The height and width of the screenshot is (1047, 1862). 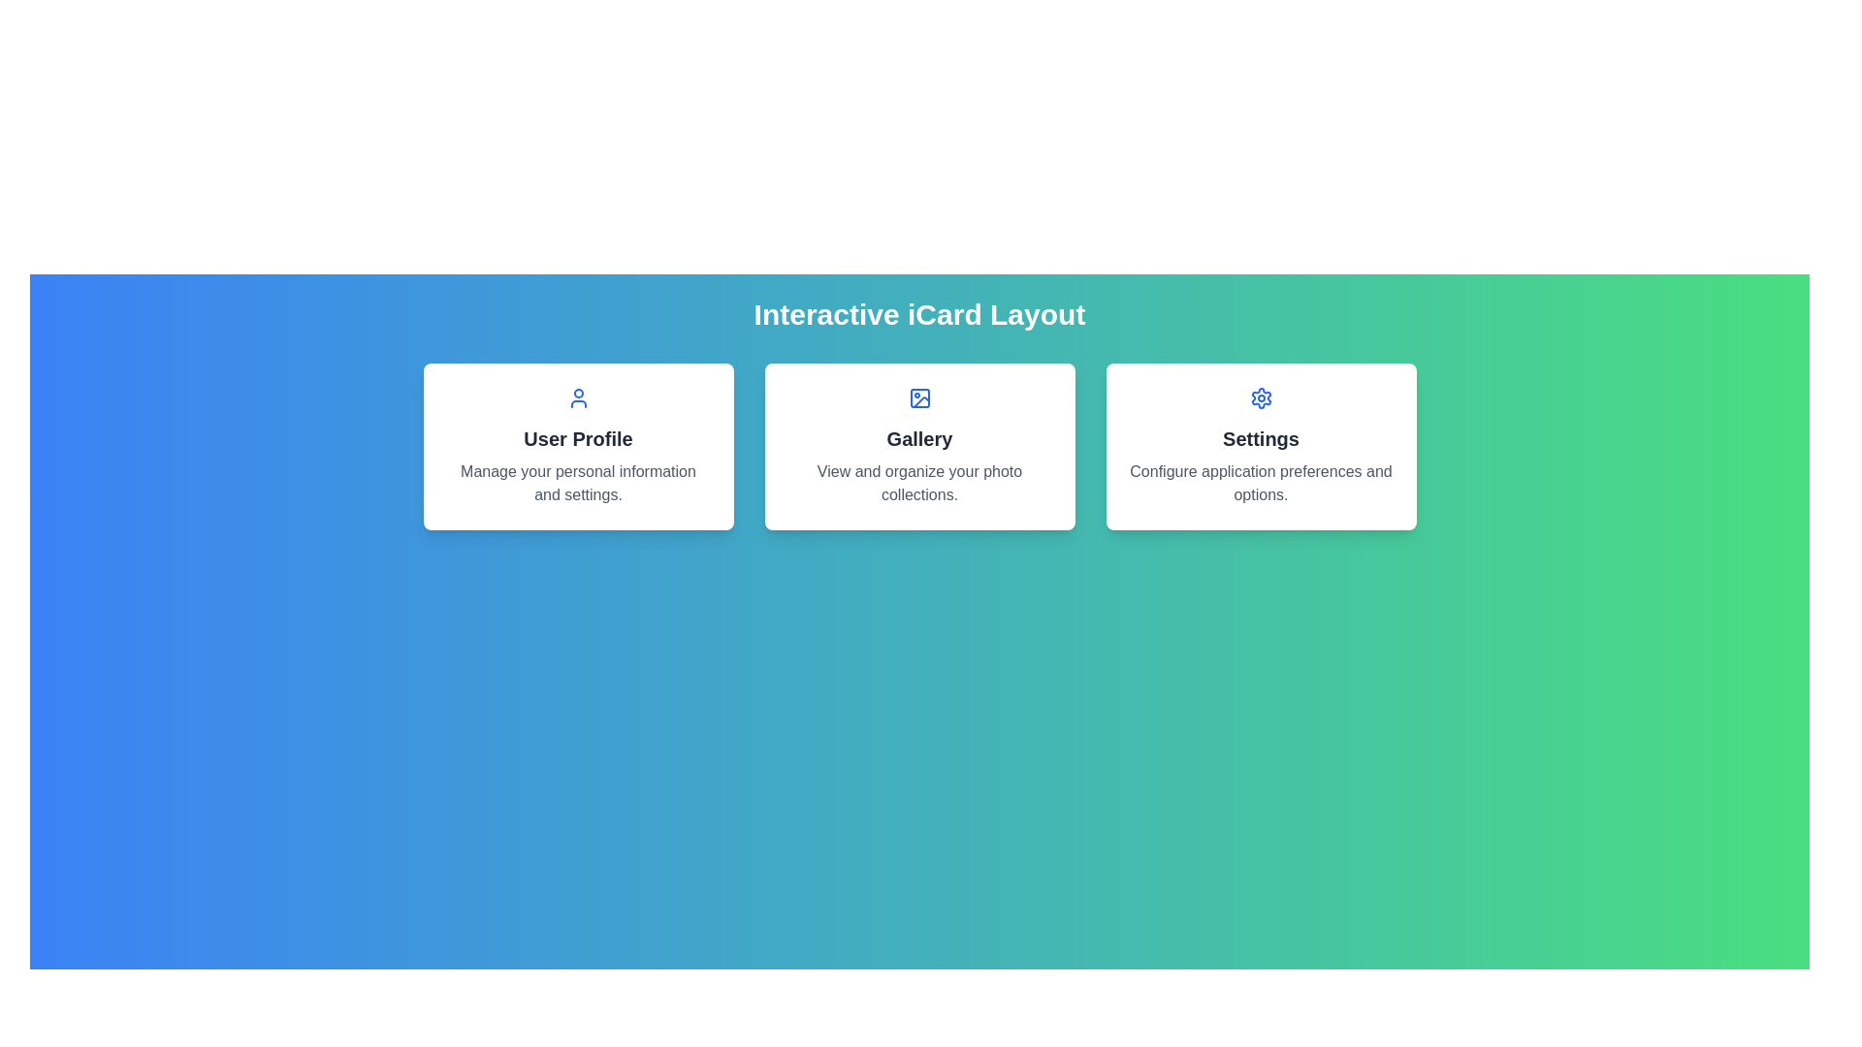 What do you see at coordinates (1261, 397) in the screenshot?
I see `the gear icon representing settings functionality, located at the center of the settings card, which is the rightmost card among three options` at bounding box center [1261, 397].